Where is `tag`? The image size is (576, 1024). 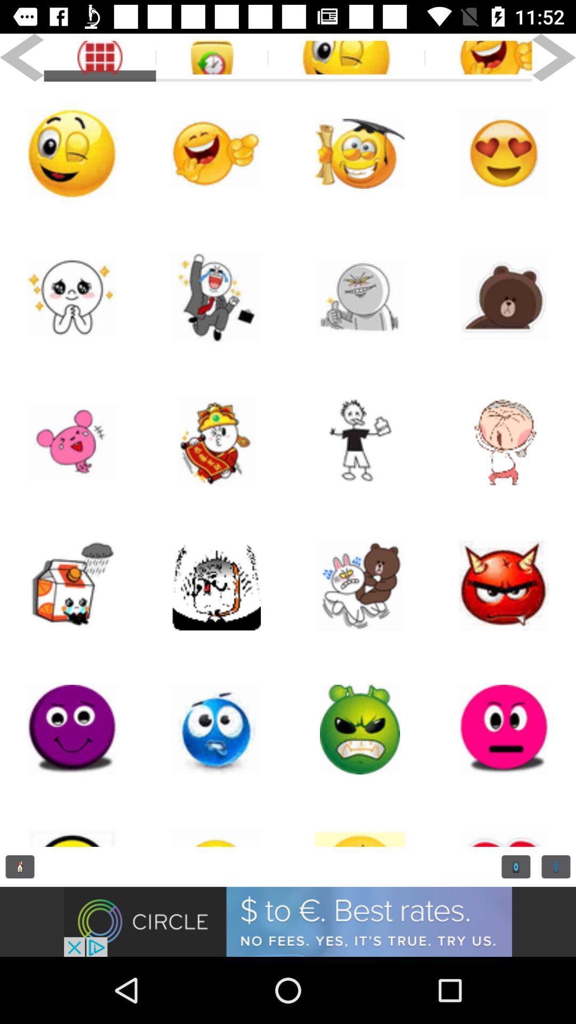
tag is located at coordinates (346, 57).